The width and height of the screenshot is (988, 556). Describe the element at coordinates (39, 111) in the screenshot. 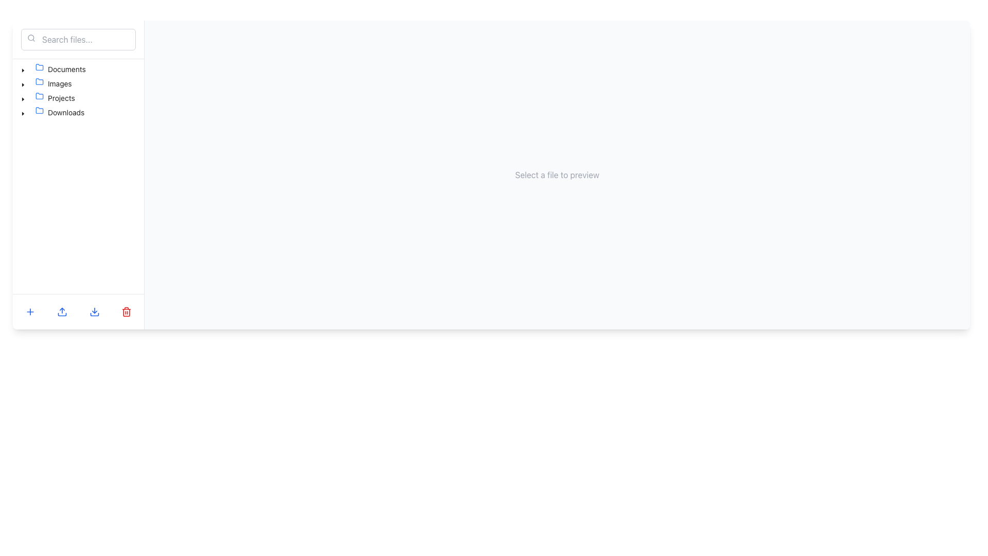

I see `the 'Downloads' icon` at that location.